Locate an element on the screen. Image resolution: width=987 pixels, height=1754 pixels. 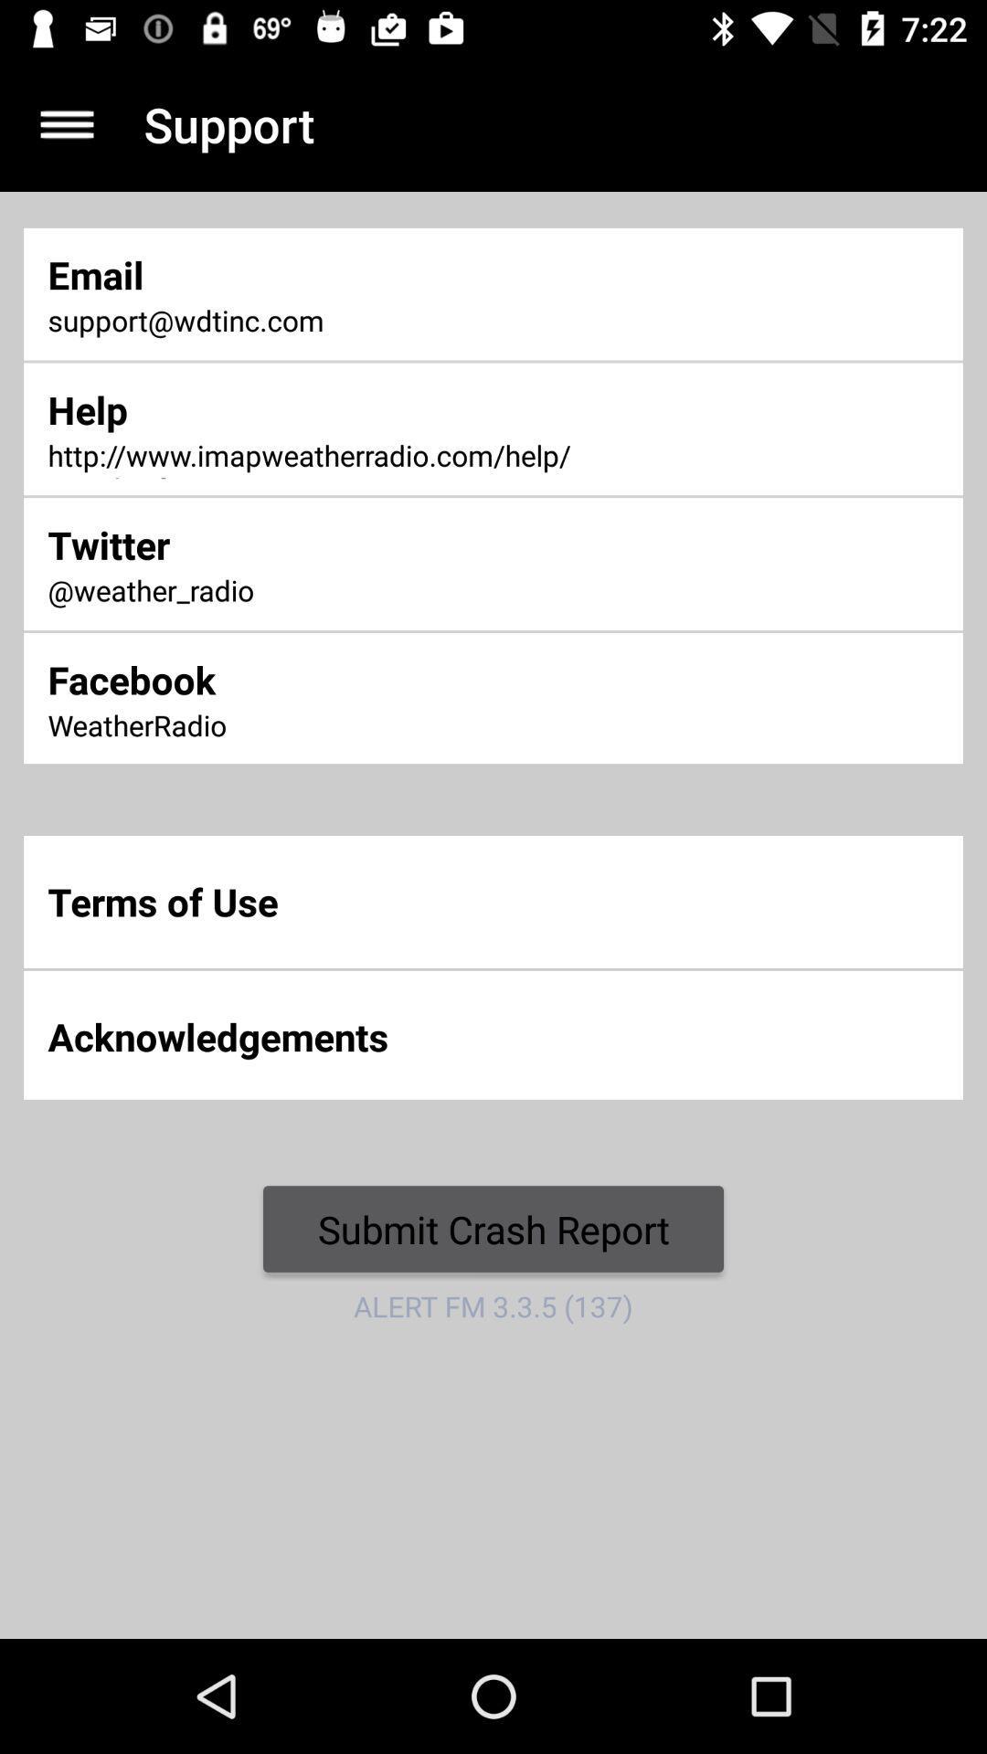
http www imapweatherradio item is located at coordinates (325, 457).